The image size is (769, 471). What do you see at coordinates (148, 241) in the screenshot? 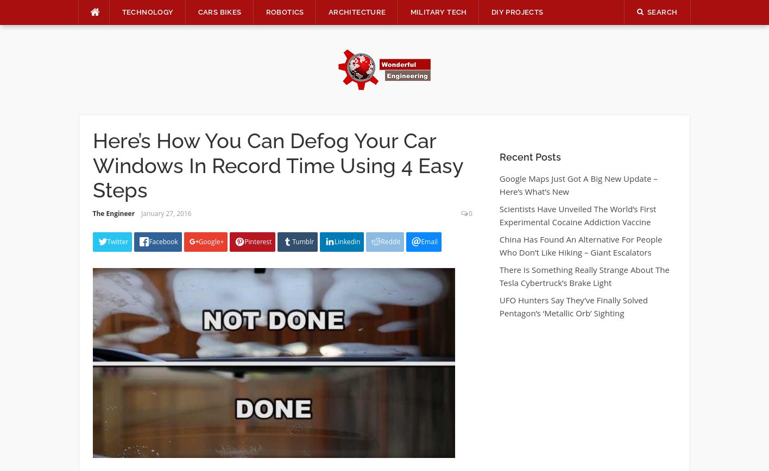
I see `'Facebook'` at bounding box center [148, 241].